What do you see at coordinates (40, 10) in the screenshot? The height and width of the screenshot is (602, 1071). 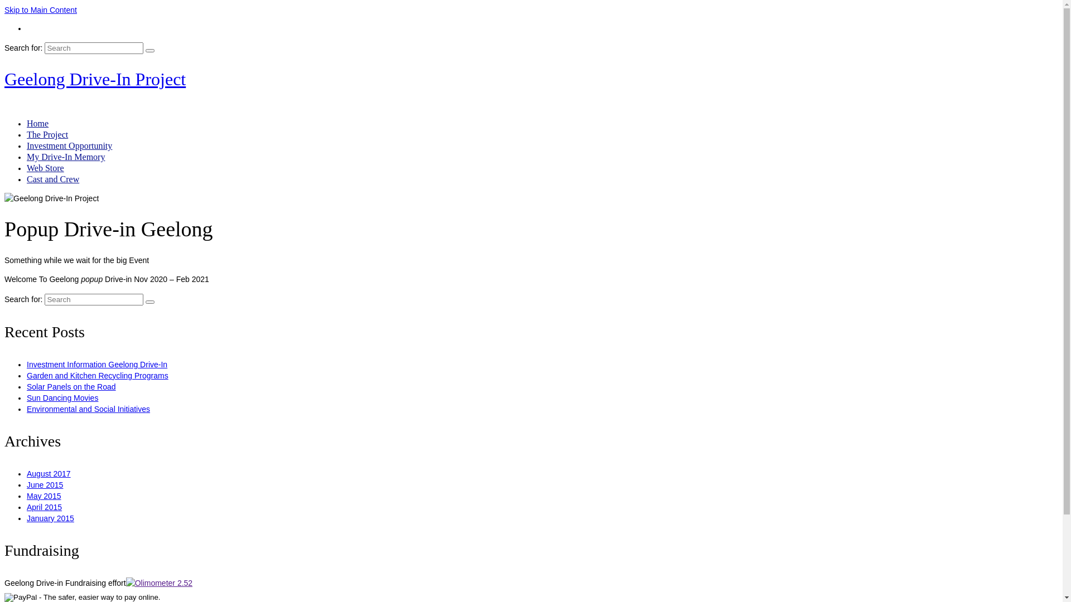 I see `'Skip to Main Content'` at bounding box center [40, 10].